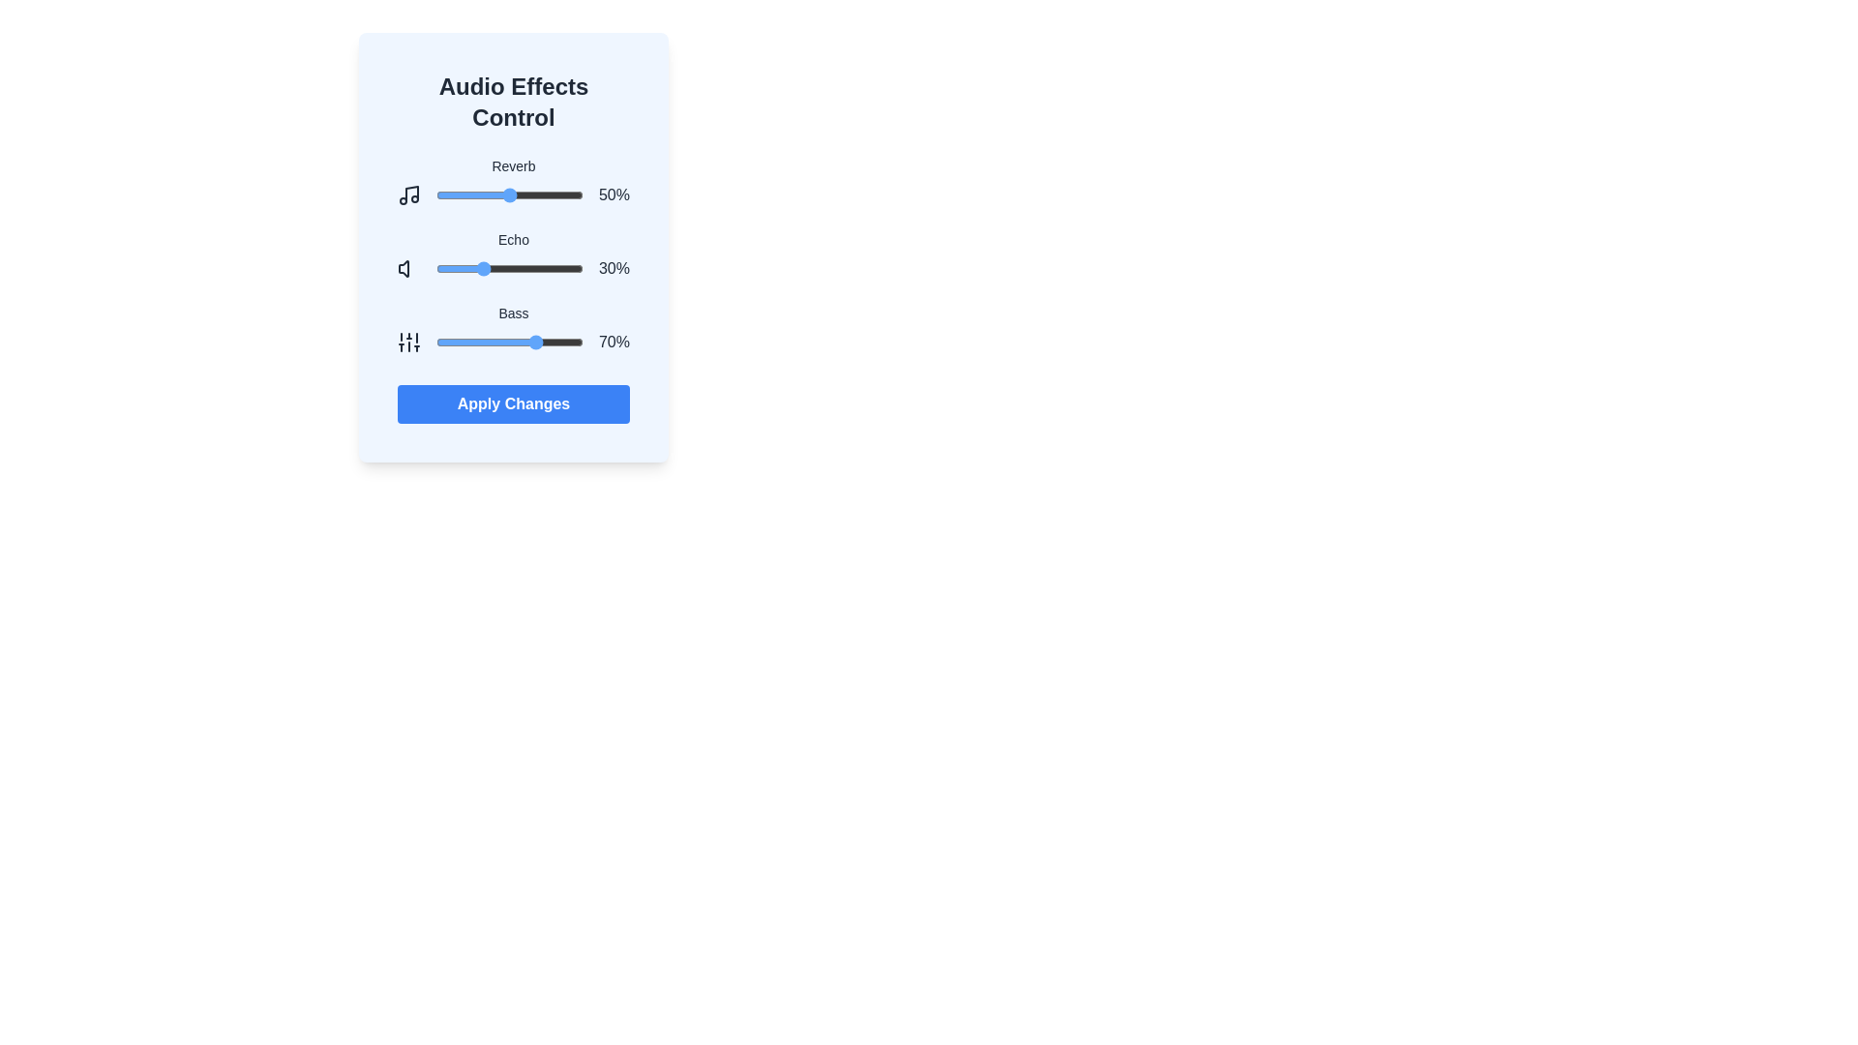  Describe the element at coordinates (447, 194) in the screenshot. I see `the reverb level` at that location.